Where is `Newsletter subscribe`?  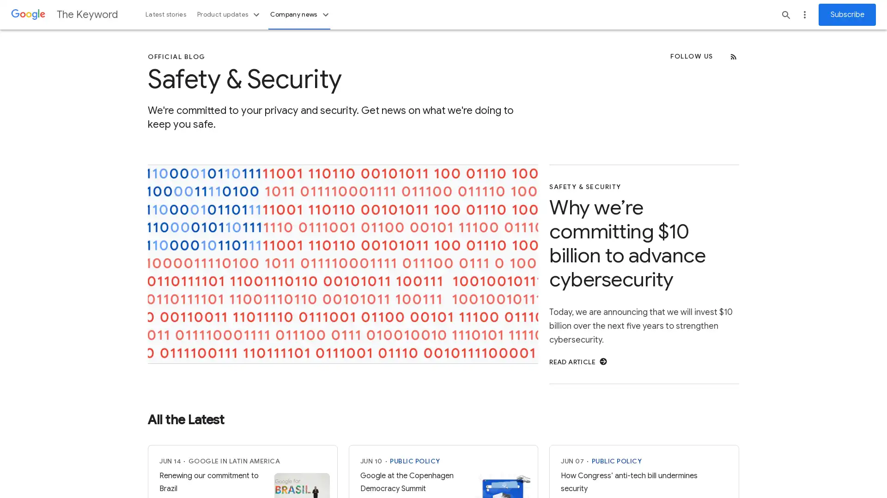 Newsletter subscribe is located at coordinates (847, 14).